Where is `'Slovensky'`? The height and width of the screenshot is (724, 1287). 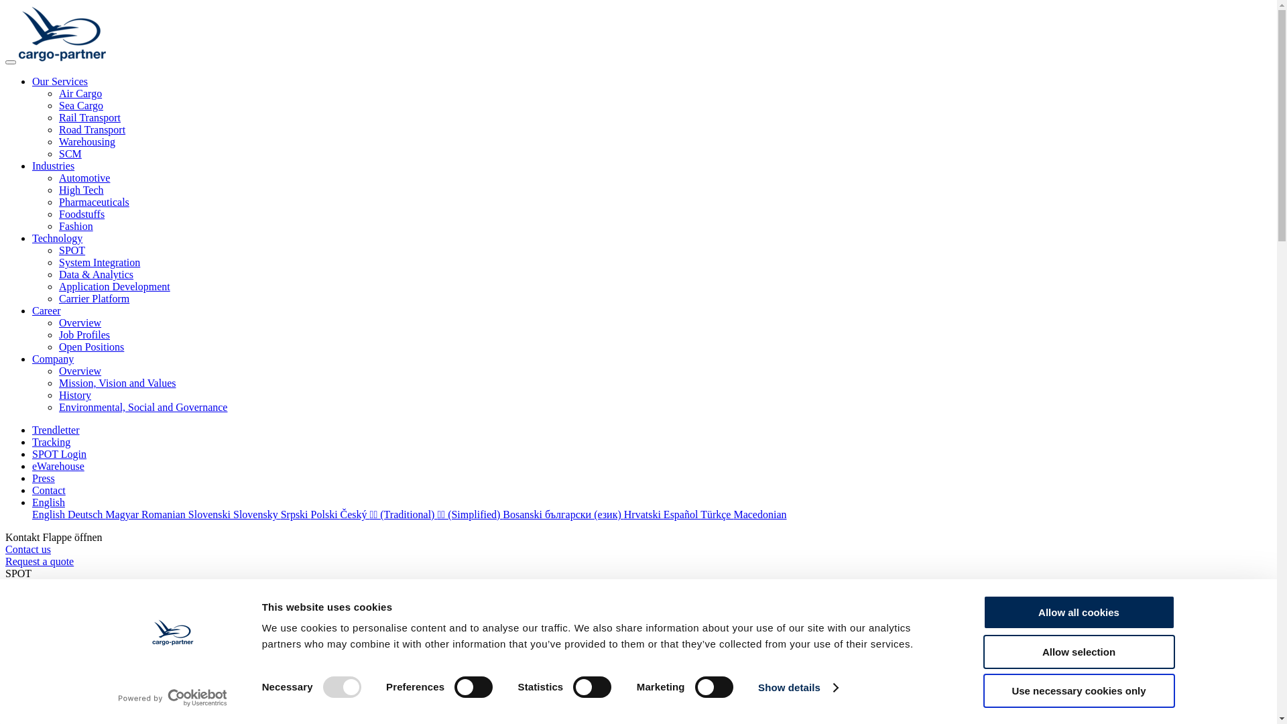
'Slovensky' is located at coordinates (257, 514).